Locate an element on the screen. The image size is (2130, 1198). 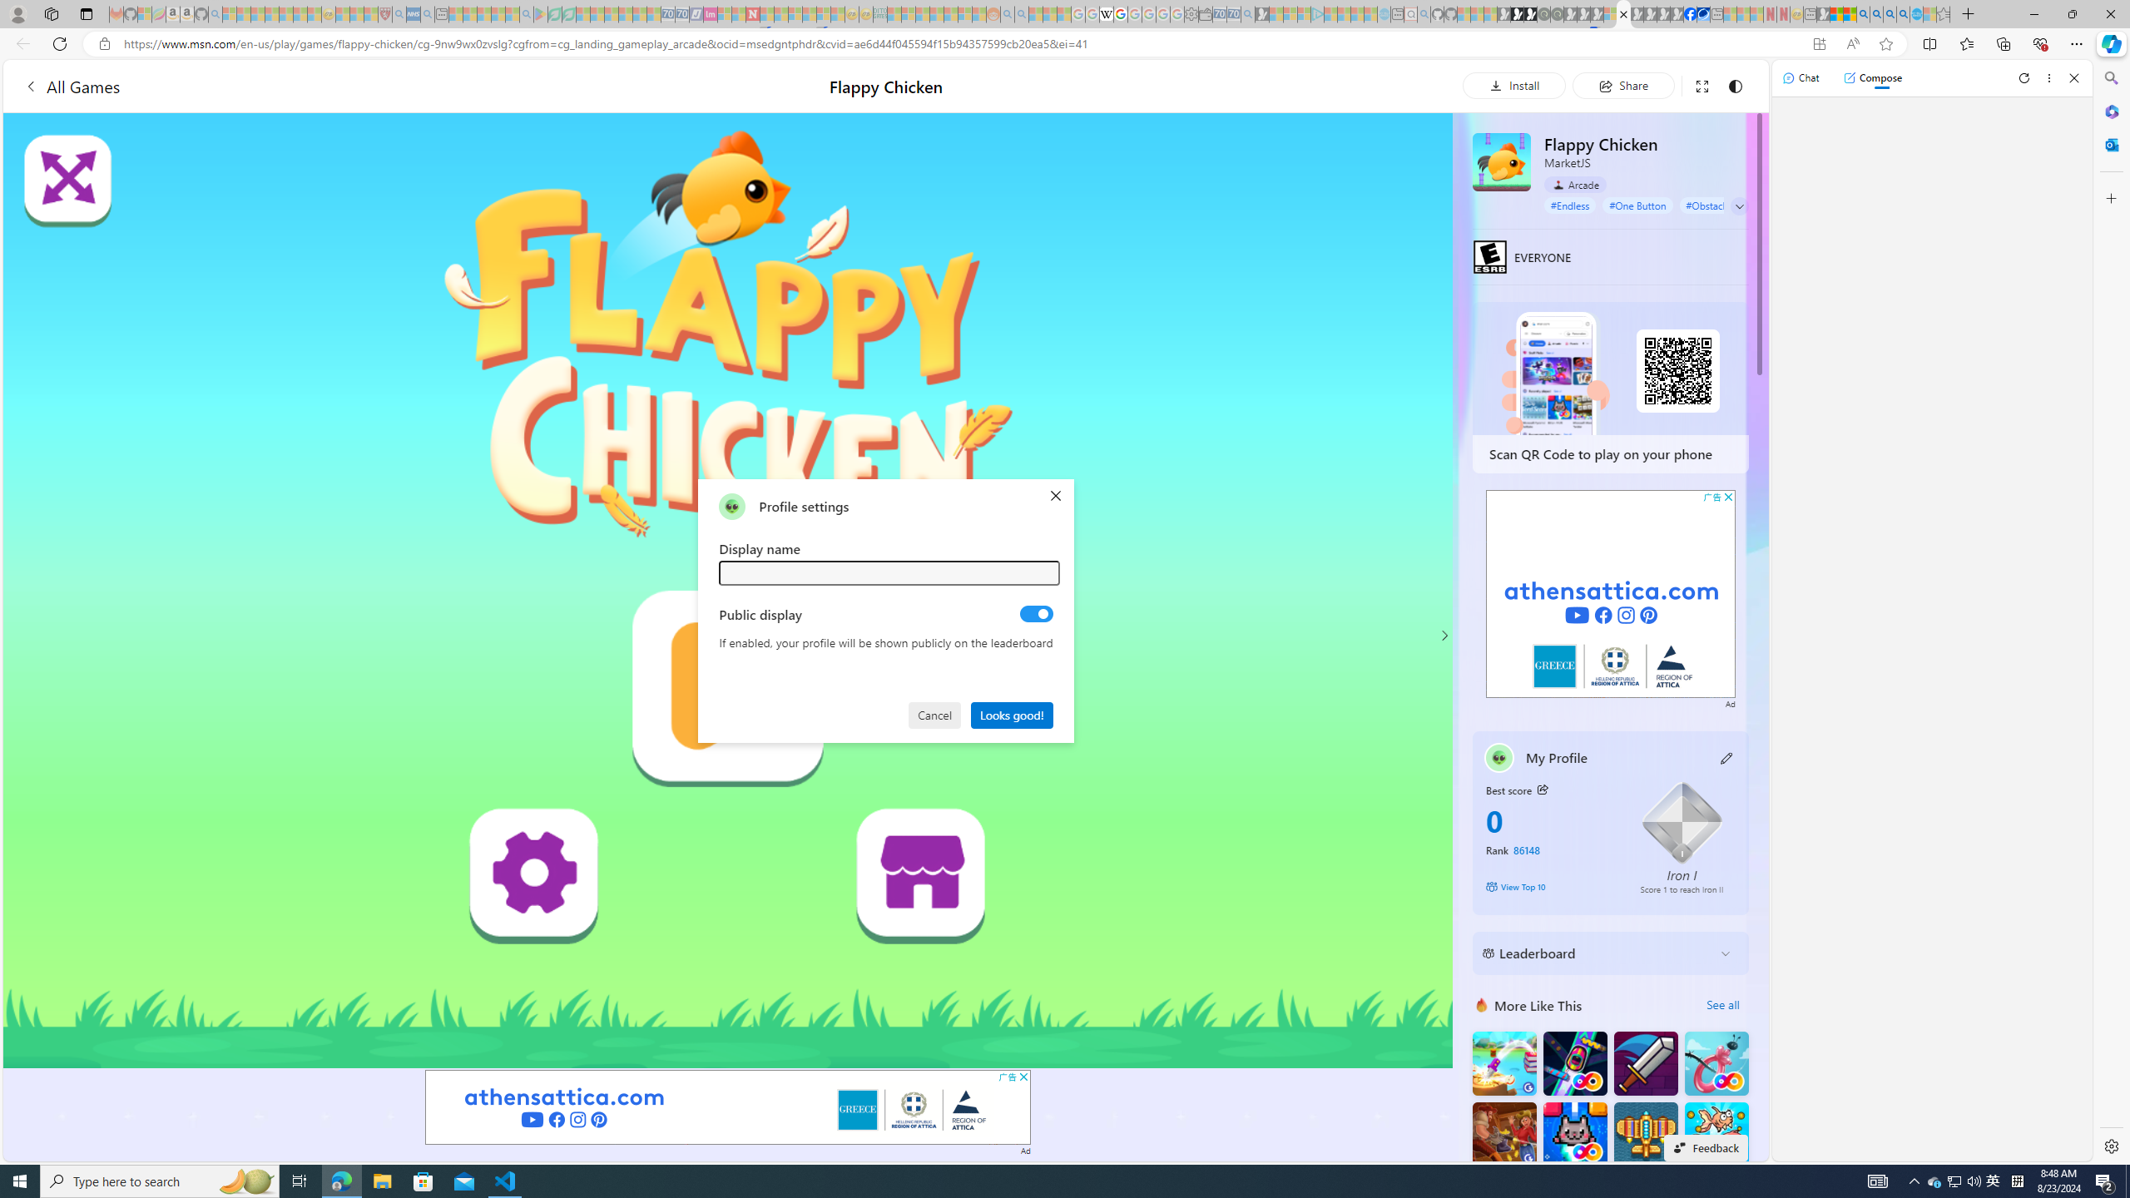
'Saloon Robbery' is located at coordinates (1503, 1133).